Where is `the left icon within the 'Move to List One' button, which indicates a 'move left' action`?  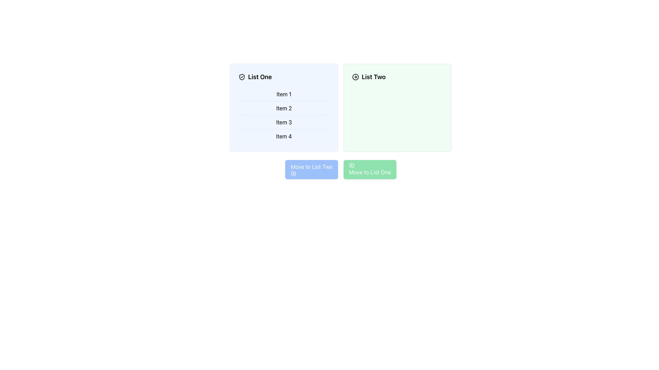
the left icon within the 'Move to List One' button, which indicates a 'move left' action is located at coordinates (351, 165).